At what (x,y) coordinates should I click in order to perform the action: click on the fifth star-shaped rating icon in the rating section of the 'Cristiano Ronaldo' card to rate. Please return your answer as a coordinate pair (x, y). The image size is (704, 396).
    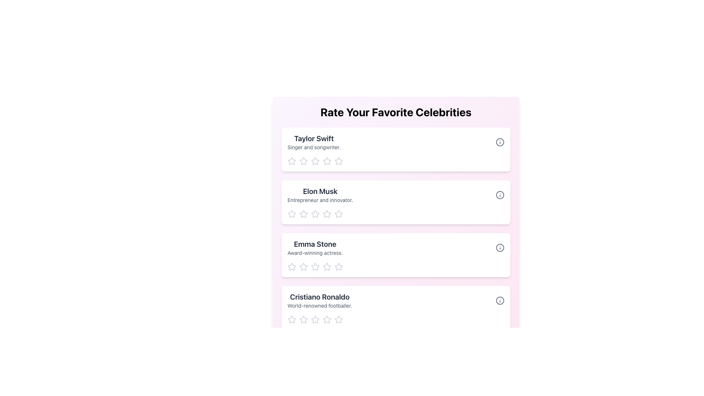
    Looking at the image, I should click on (338, 319).